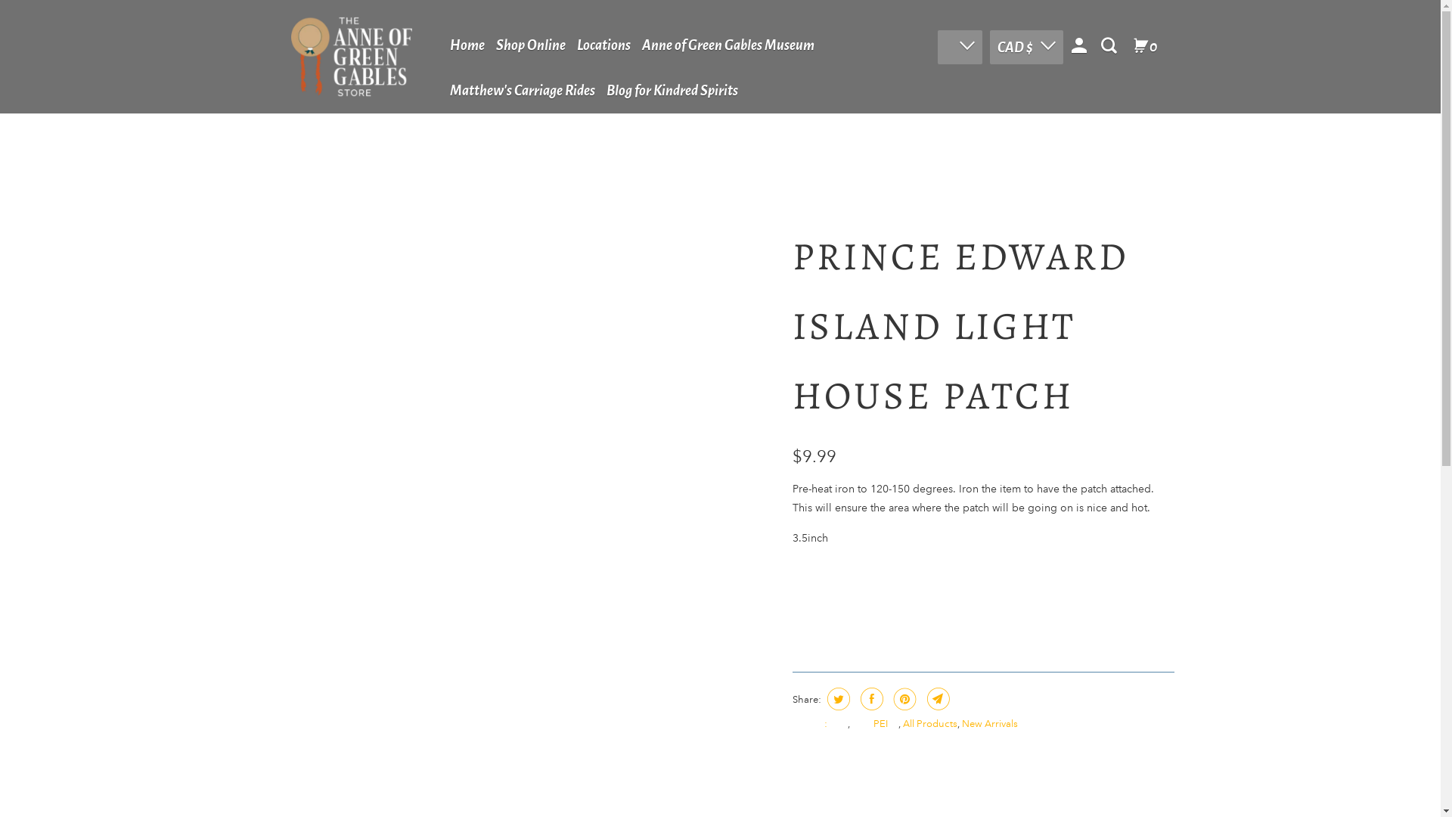 The height and width of the screenshot is (817, 1452). What do you see at coordinates (445, 45) in the screenshot?
I see `'Home'` at bounding box center [445, 45].